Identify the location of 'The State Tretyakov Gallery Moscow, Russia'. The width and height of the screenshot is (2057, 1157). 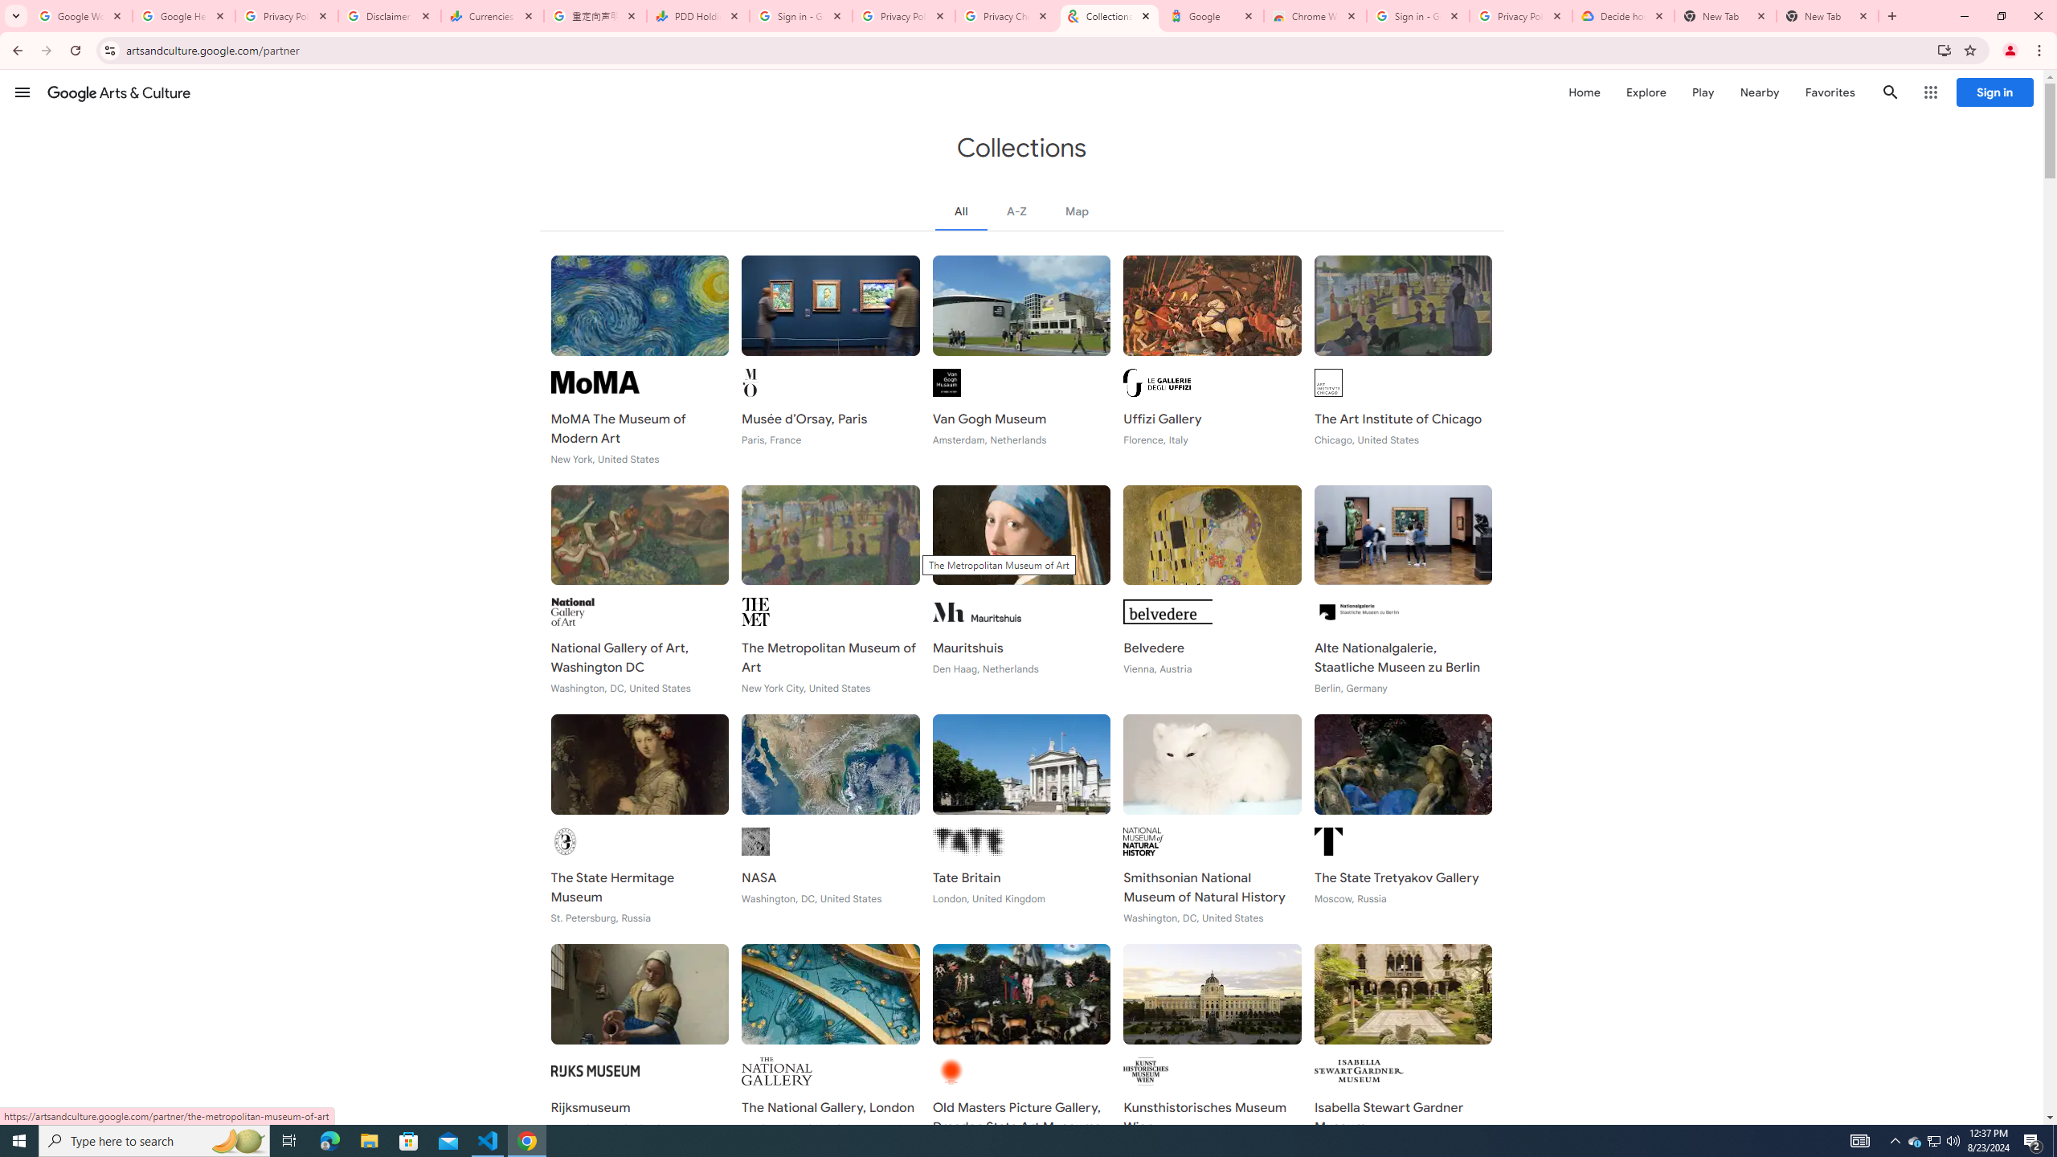
(1403, 818).